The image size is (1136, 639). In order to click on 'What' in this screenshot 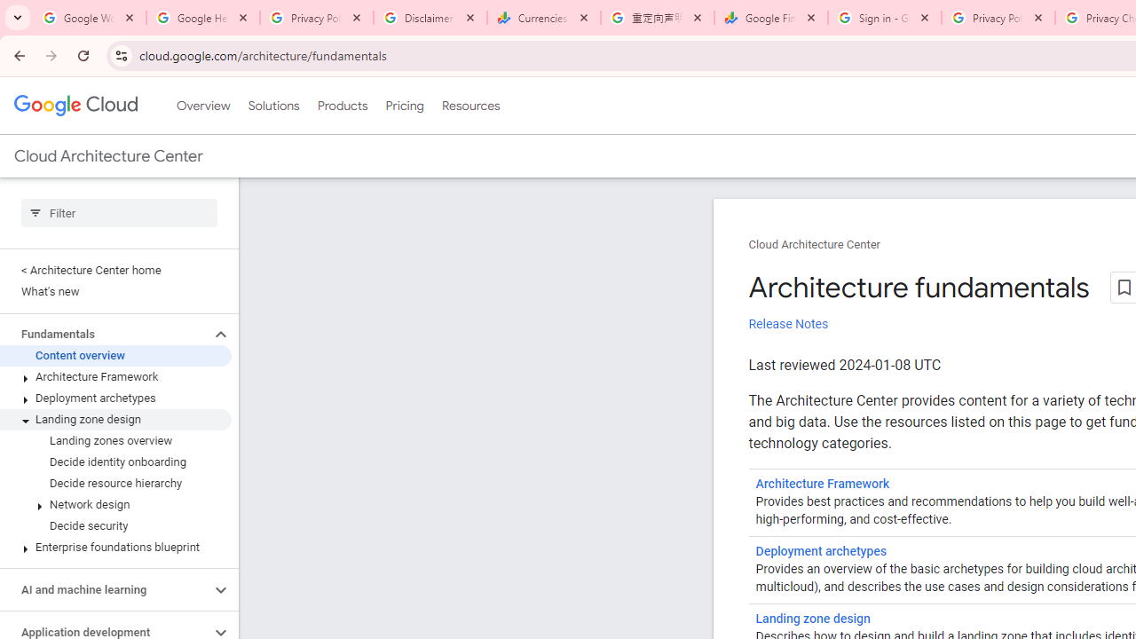, I will do `click(114, 291)`.